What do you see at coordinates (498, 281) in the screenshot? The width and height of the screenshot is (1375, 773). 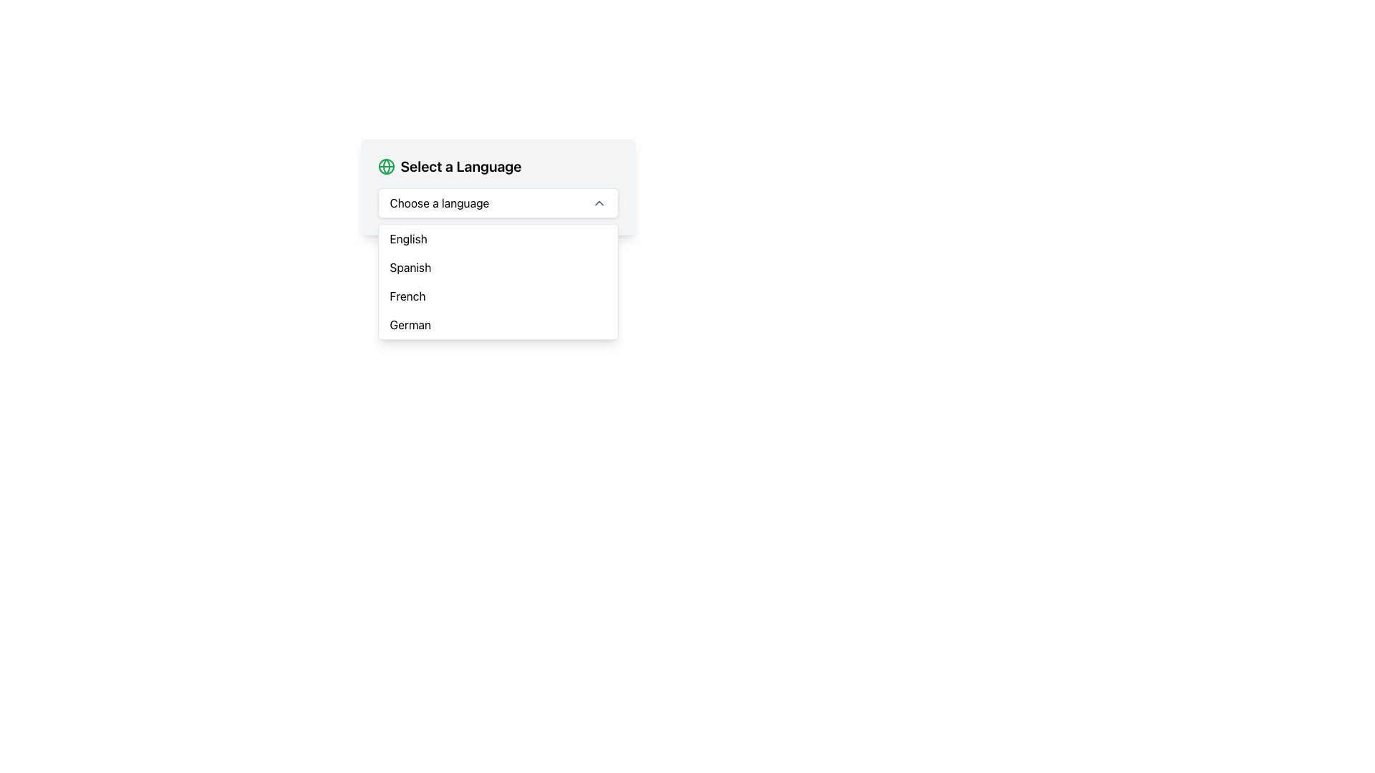 I see `the dropdown menu contents element, which features a white background with rounded corners and options for 'English,' 'Spanish,' 'French,' and 'German.'` at bounding box center [498, 281].